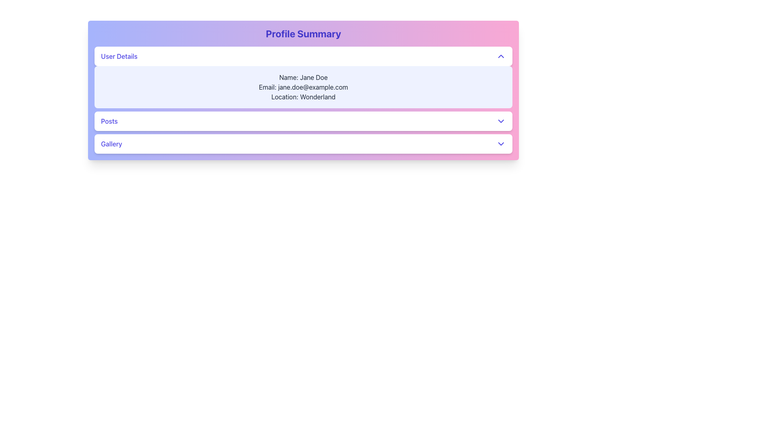  What do you see at coordinates (303, 87) in the screenshot?
I see `the static text label displaying the user's email address, which is located in the 'User Details' section, second in order below 'Name: Jane Doe'` at bounding box center [303, 87].